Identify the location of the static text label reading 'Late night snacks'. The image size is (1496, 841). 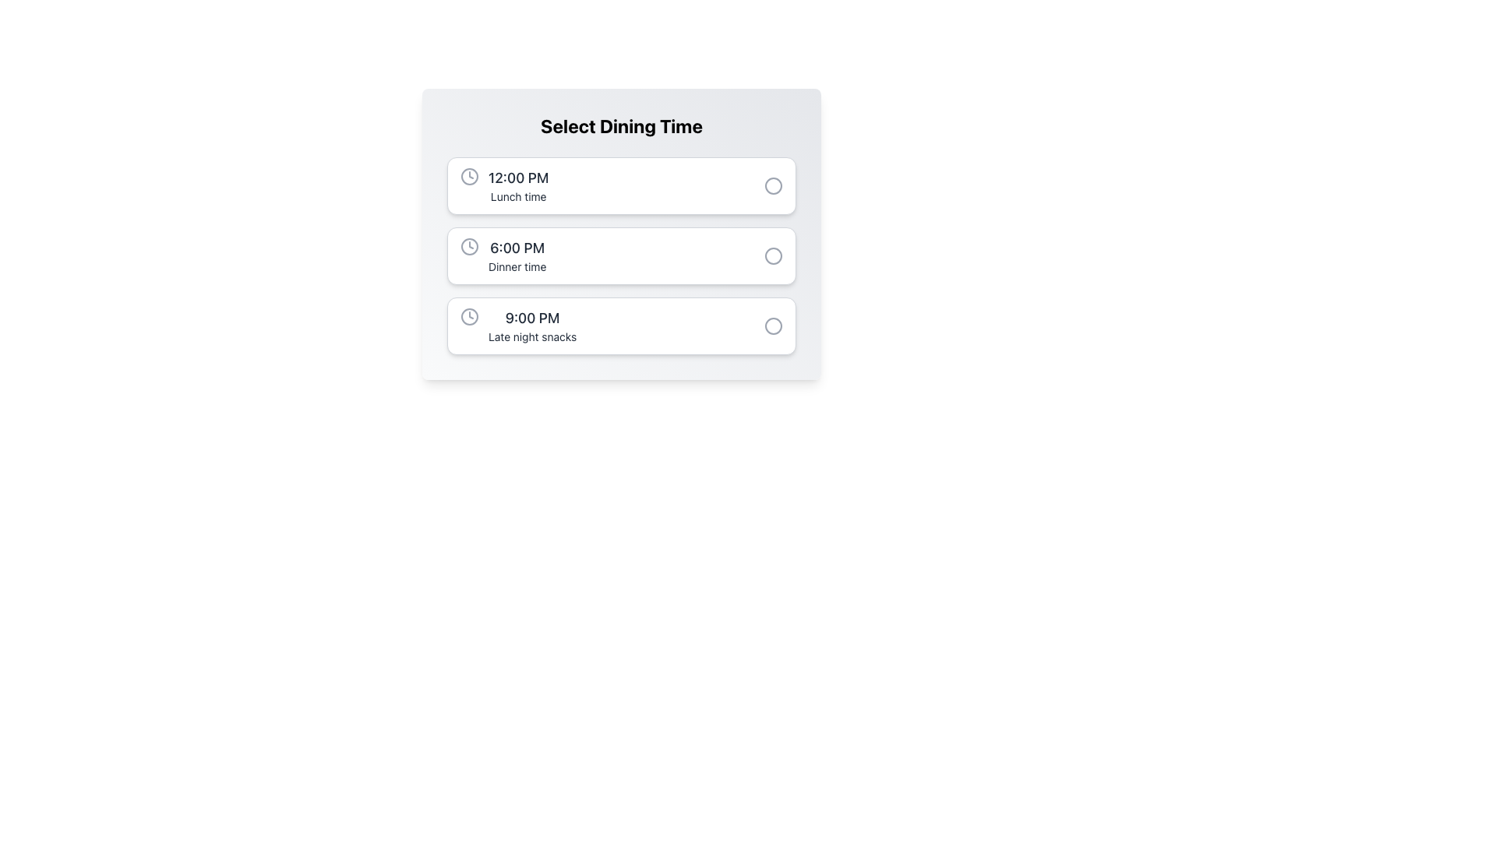
(532, 336).